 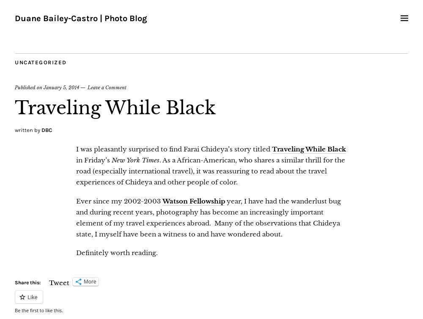 I want to click on '. As a African-American, who shares a similar thrill for the road (especially international travel), it was reassuring to read about the travel experiences of Chideya and other people of color.', so click(x=210, y=171).